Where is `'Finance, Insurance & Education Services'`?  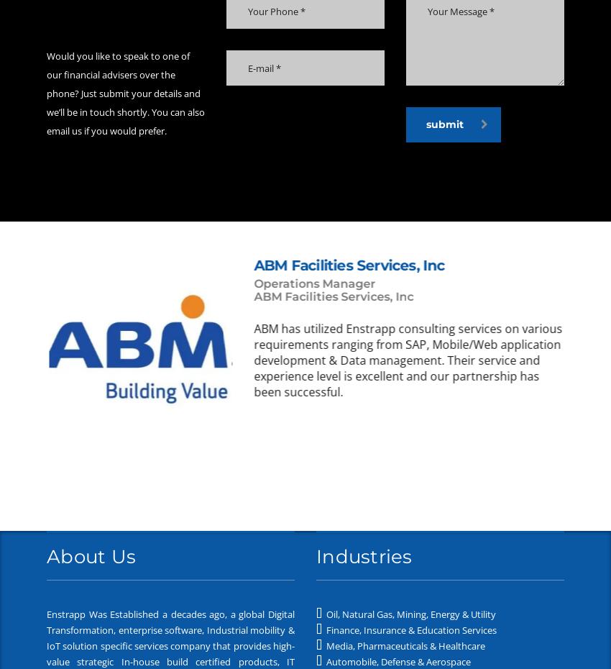 'Finance, Insurance & Education Services' is located at coordinates (409, 629).